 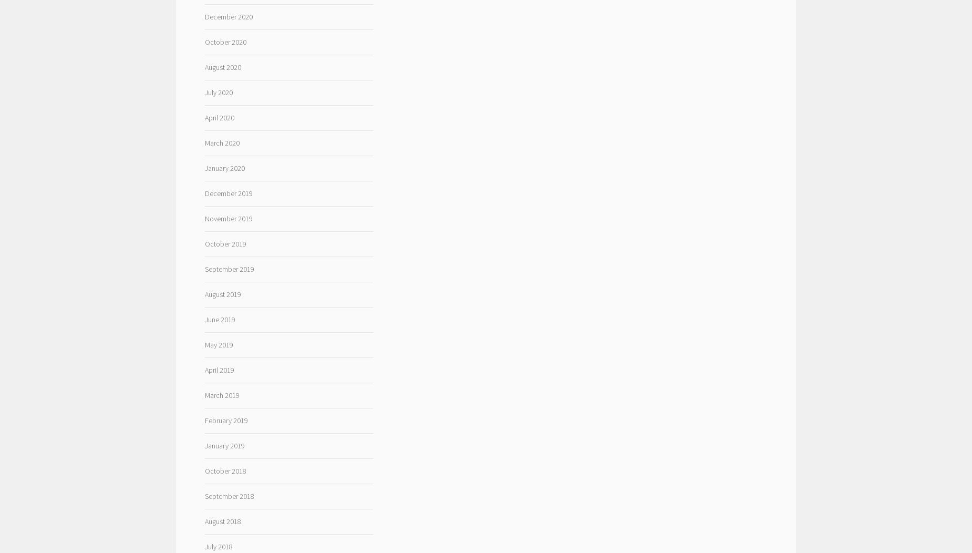 I want to click on 'February 2019', so click(x=225, y=419).